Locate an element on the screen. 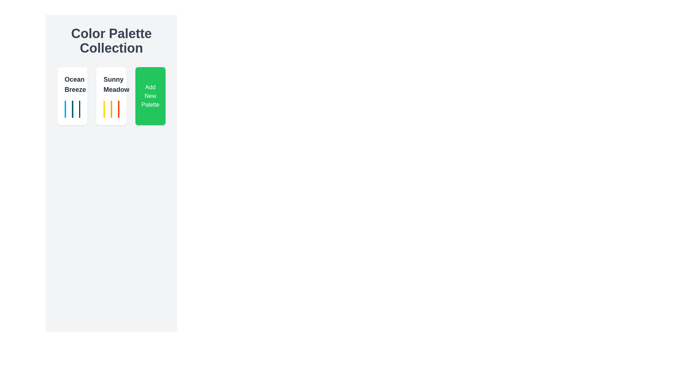 The width and height of the screenshot is (697, 392). the color palette element, which is the second card in the 'Sunny Meadow' section is located at coordinates (111, 109).